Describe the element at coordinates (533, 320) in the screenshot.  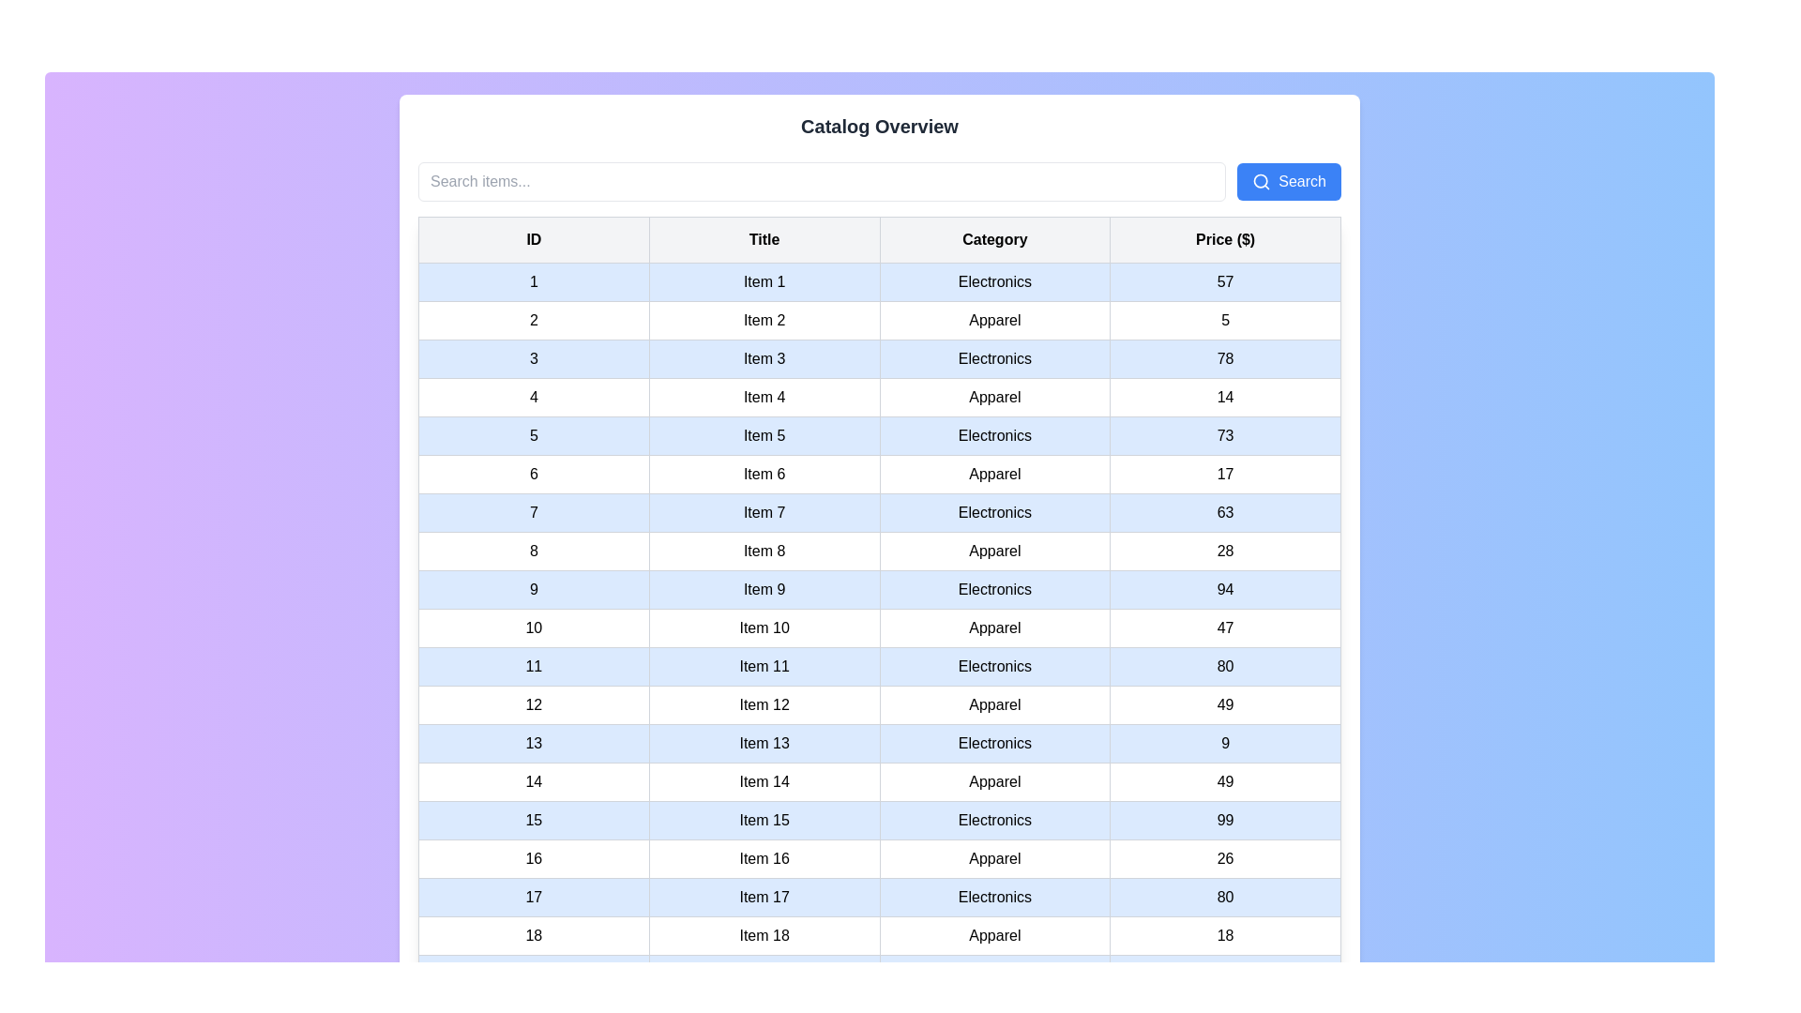
I see `the table cell containing the number '2', which is styled with a white background and bordered by a thin gray outline, located in the second row under the 'ID' column` at that location.